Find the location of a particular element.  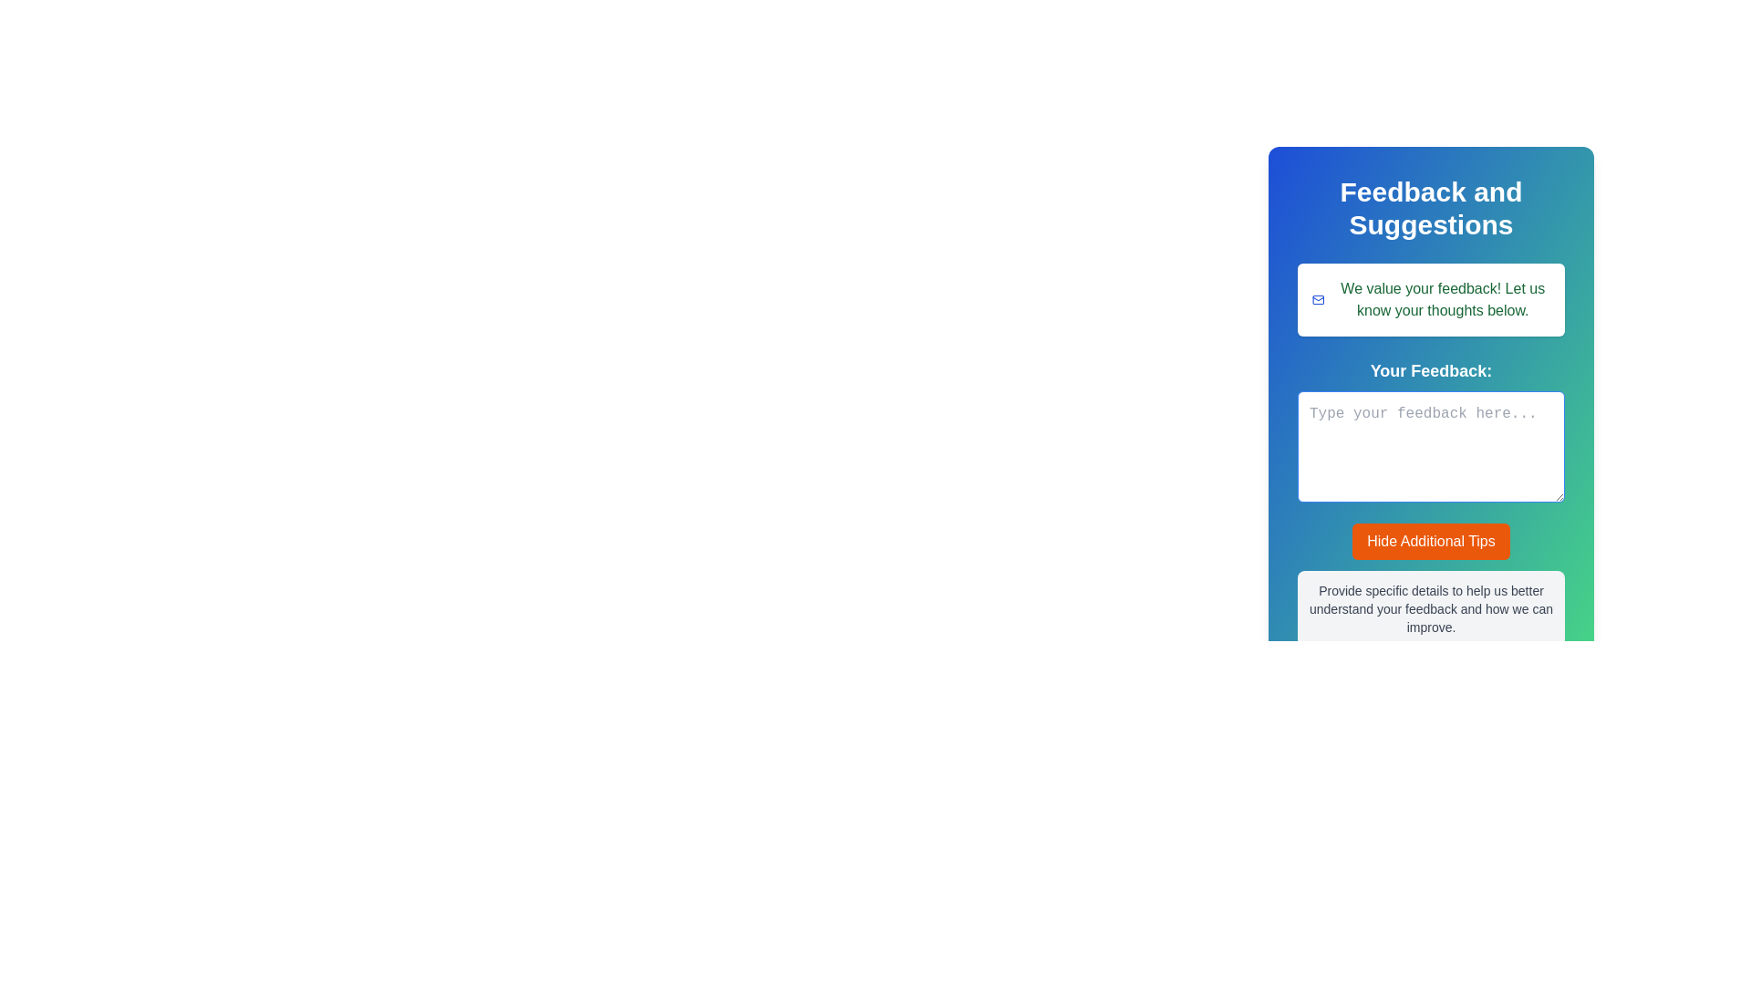

the informational banner encouraging users to share their thoughts, located below the 'Feedback and Suggestions' title and above 'Your Feedback:' is located at coordinates (1430, 298).